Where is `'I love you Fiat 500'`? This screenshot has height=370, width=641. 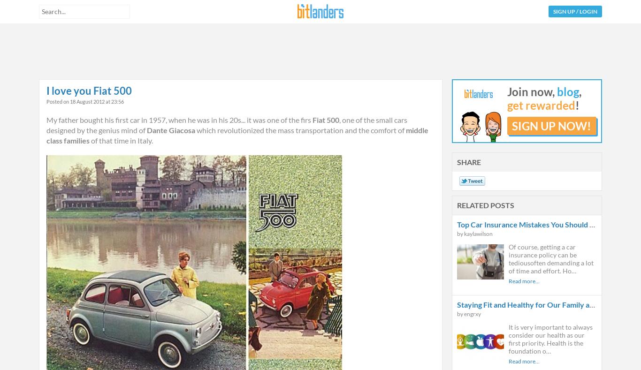
'I love you Fiat 500' is located at coordinates (89, 90).